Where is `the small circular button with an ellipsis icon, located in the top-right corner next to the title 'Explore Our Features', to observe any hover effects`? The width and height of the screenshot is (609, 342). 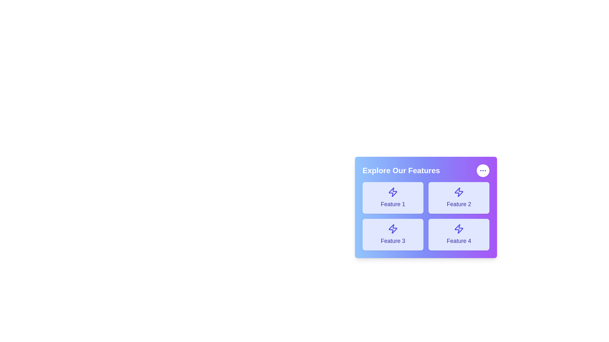
the small circular button with an ellipsis icon, located in the top-right corner next to the title 'Explore Our Features', to observe any hover effects is located at coordinates (482, 170).